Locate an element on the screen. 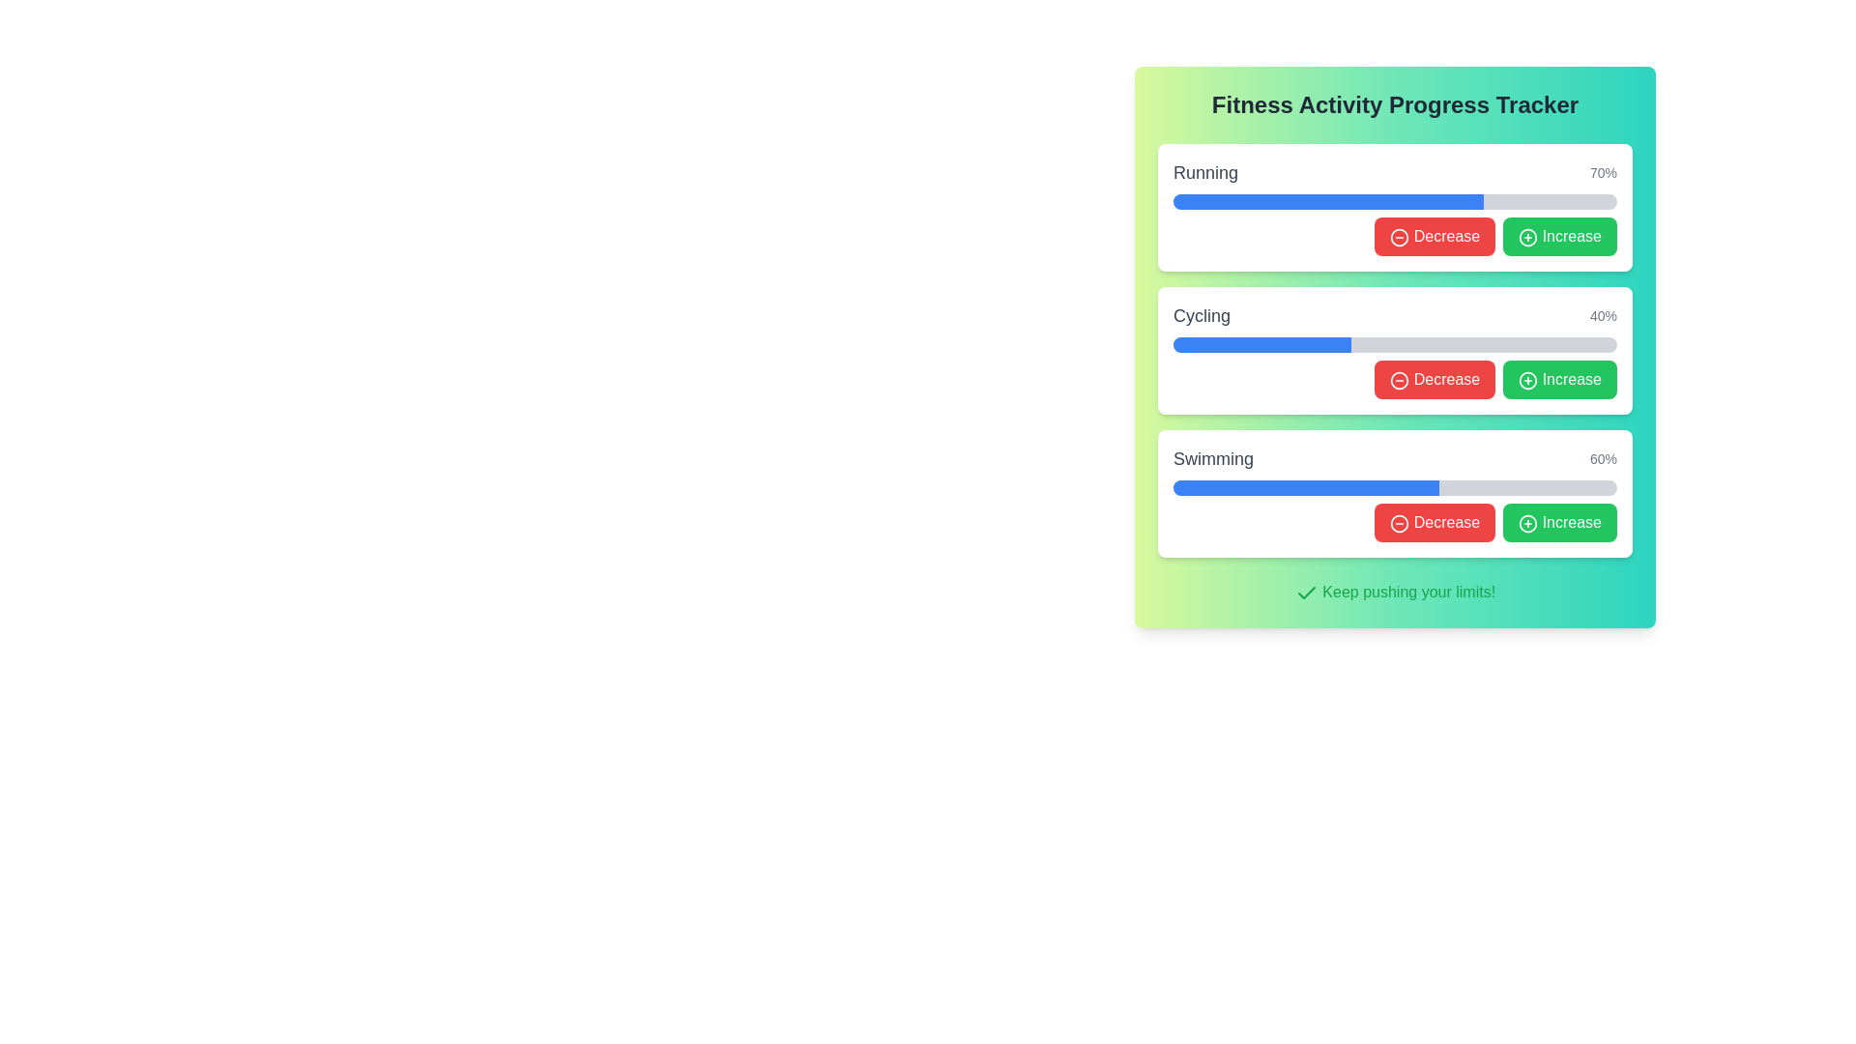  the circular green icon with a plus symbol at the center, located within the 'Increase' button in the 'Swimming' section is located at coordinates (1527, 523).